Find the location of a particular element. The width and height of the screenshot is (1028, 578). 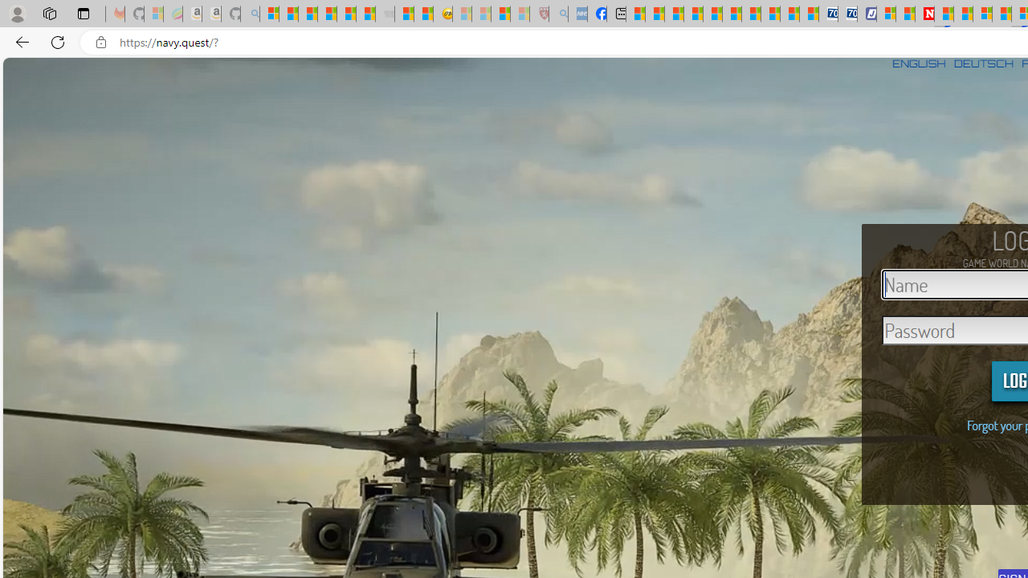

'World - MSN' is located at coordinates (674, 14).